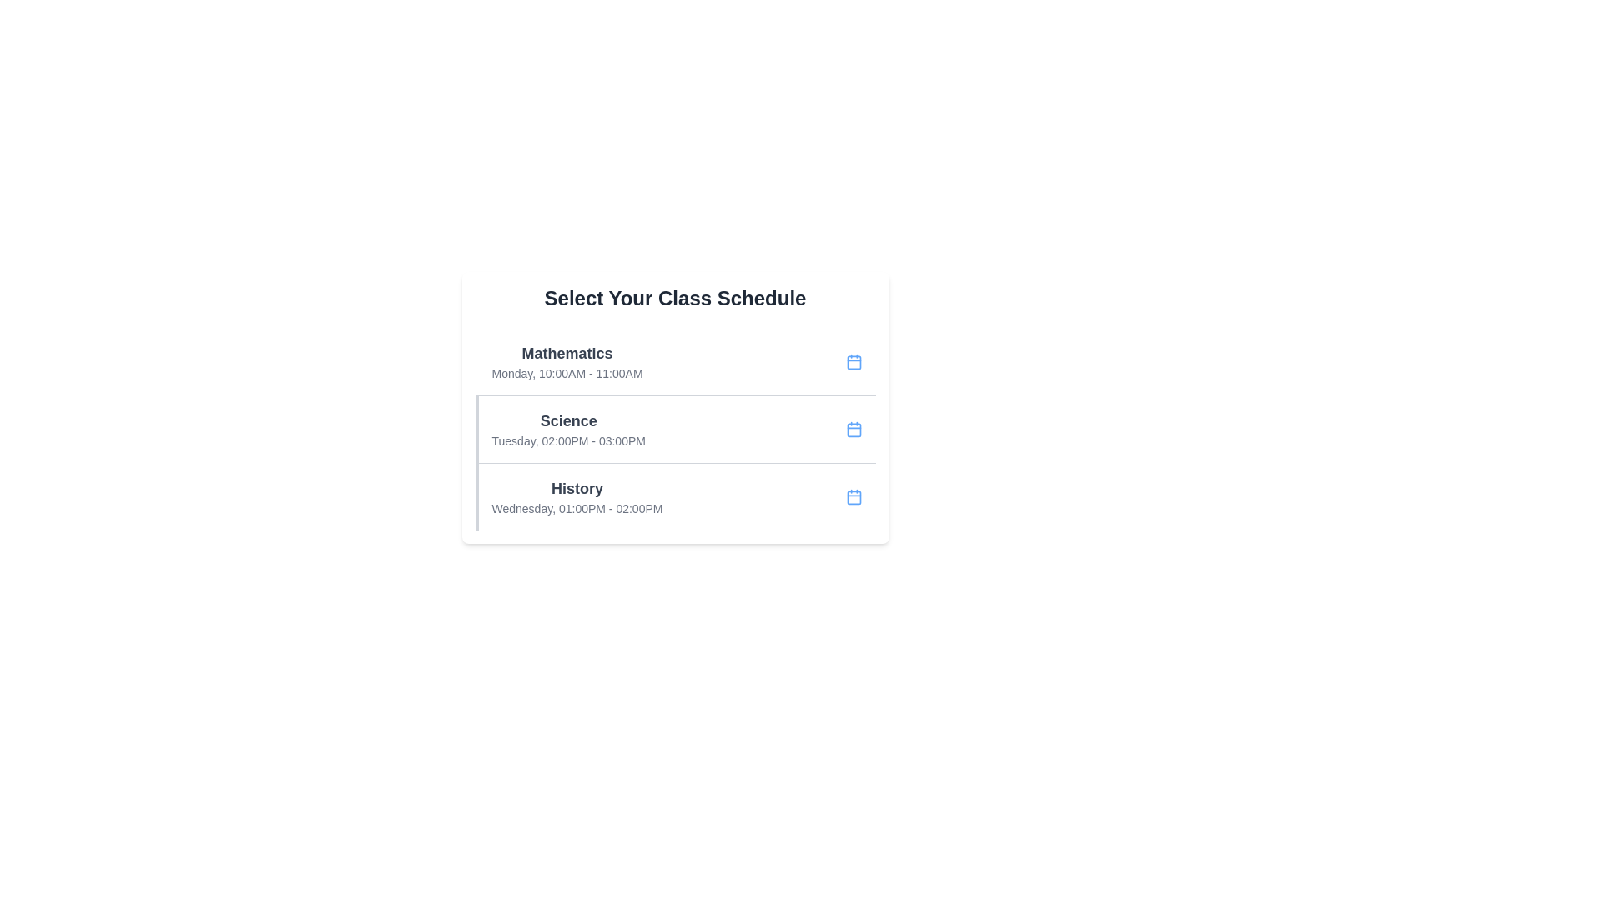  What do you see at coordinates (567, 361) in the screenshot?
I see `the text block labeled 'Mathematics' which features bold, large, dark gray text and is the first item in a vertical list of class schedules` at bounding box center [567, 361].